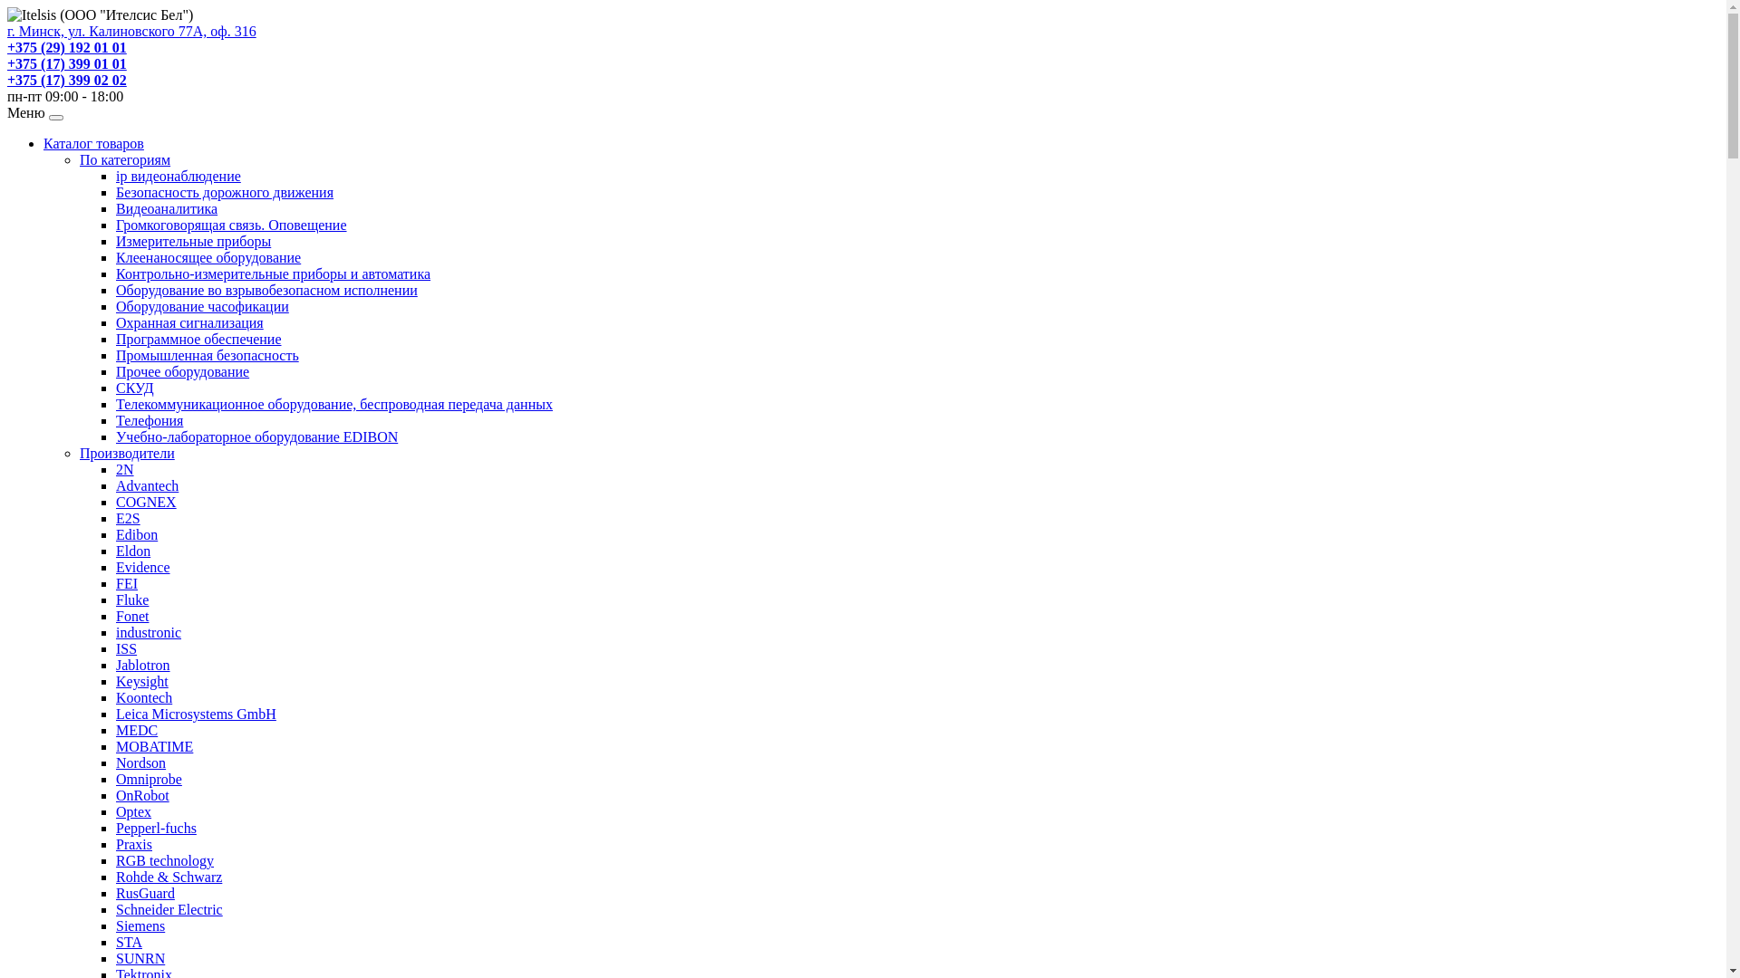 This screenshot has height=978, width=1740. I want to click on 'MEDC', so click(135, 729).